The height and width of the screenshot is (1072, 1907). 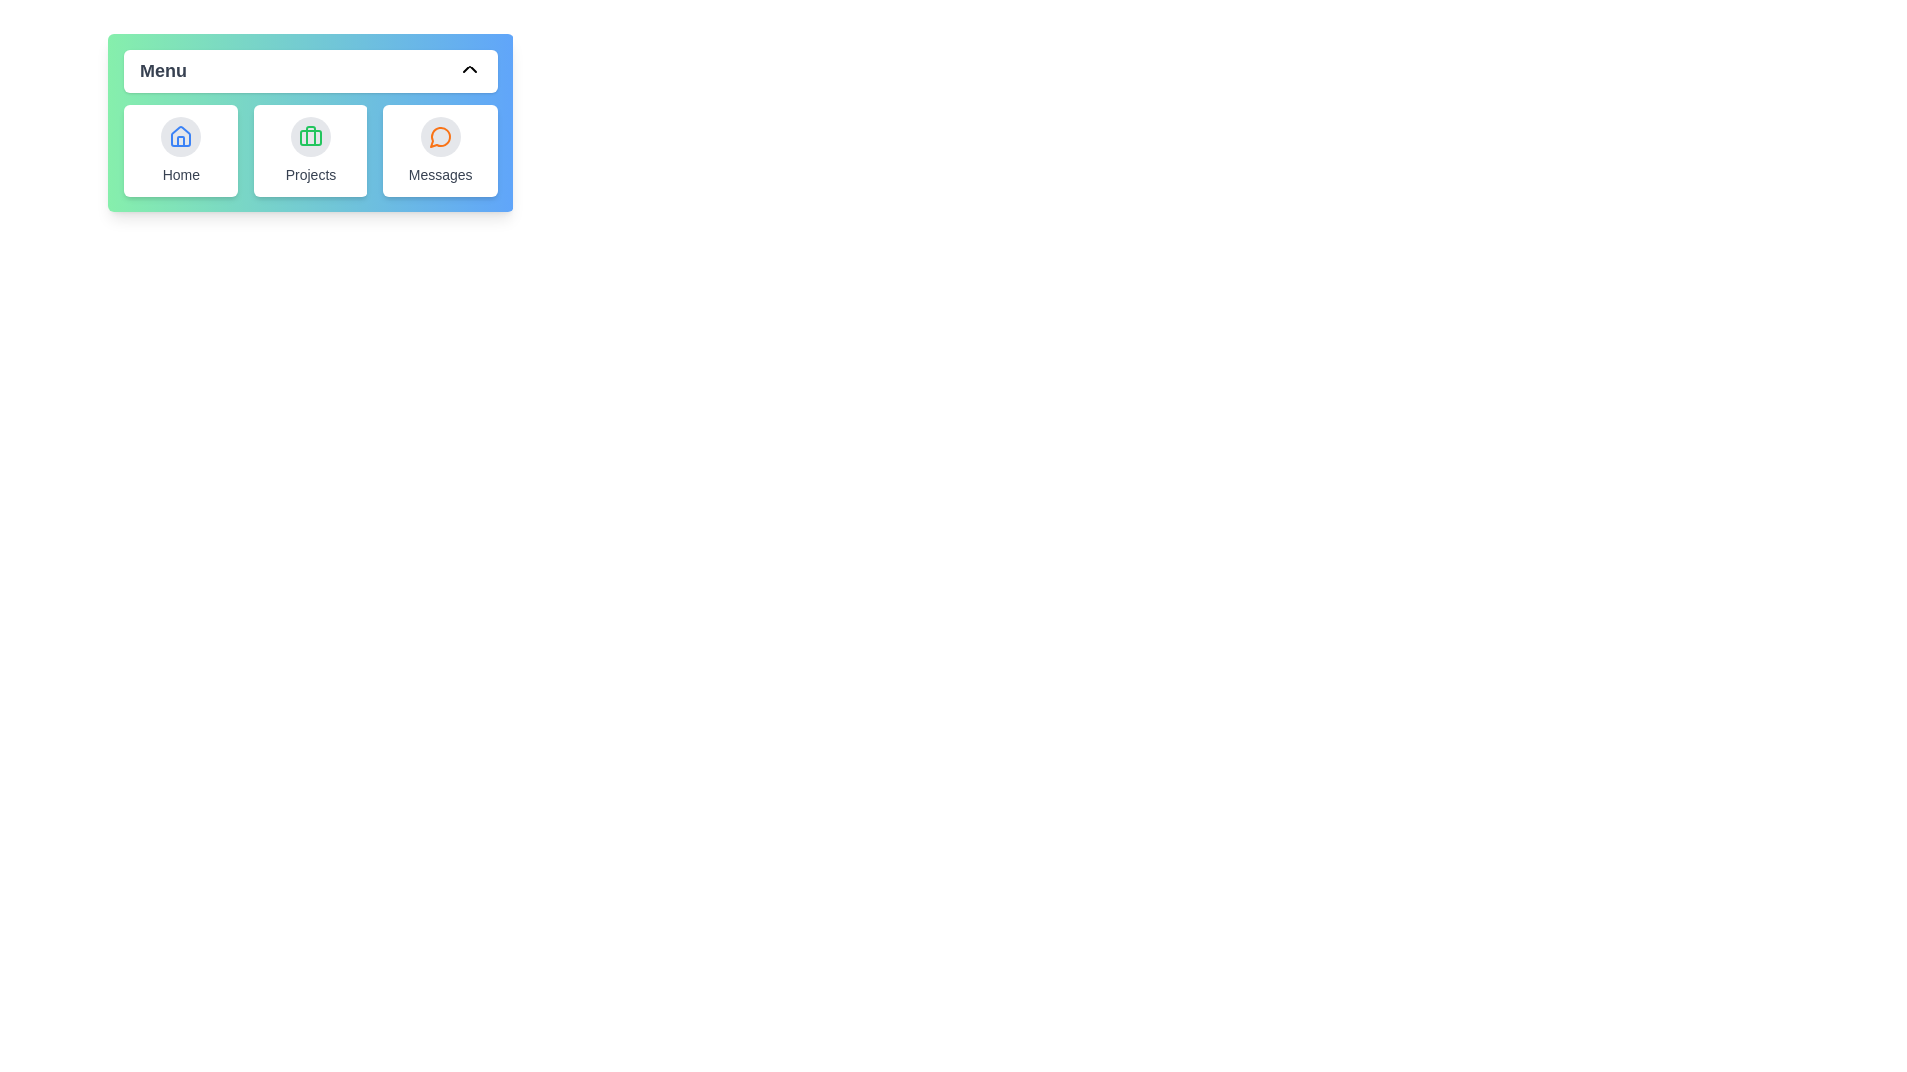 I want to click on the 'Projects' menu item to interact with its associated functionality, so click(x=309, y=149).